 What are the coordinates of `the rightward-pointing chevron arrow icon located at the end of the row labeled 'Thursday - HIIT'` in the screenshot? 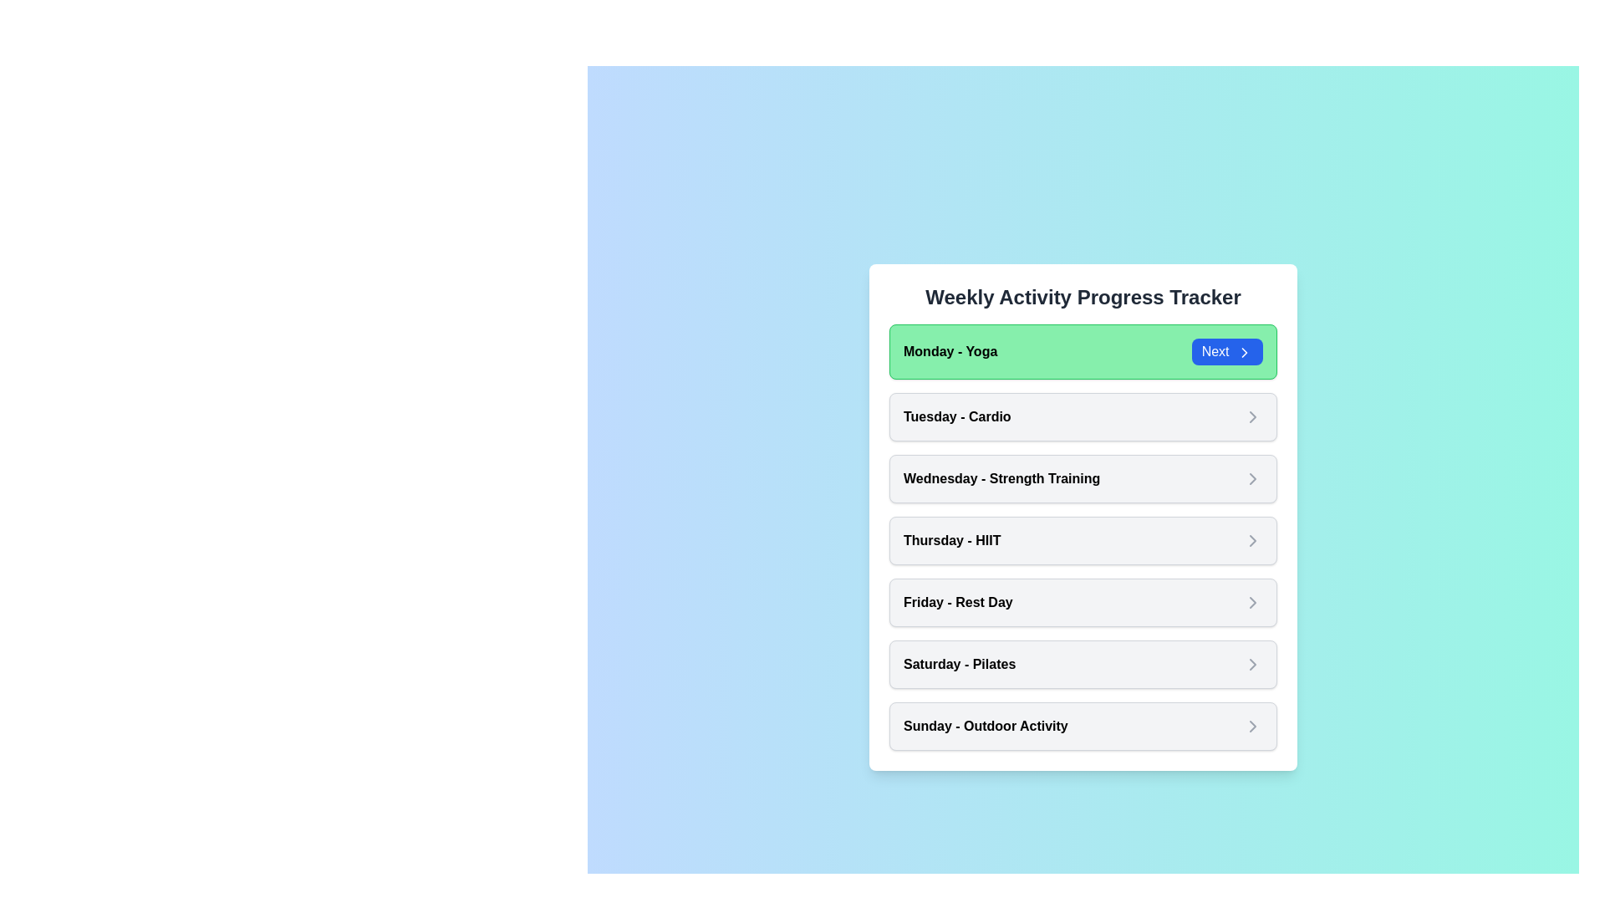 It's located at (1252, 541).